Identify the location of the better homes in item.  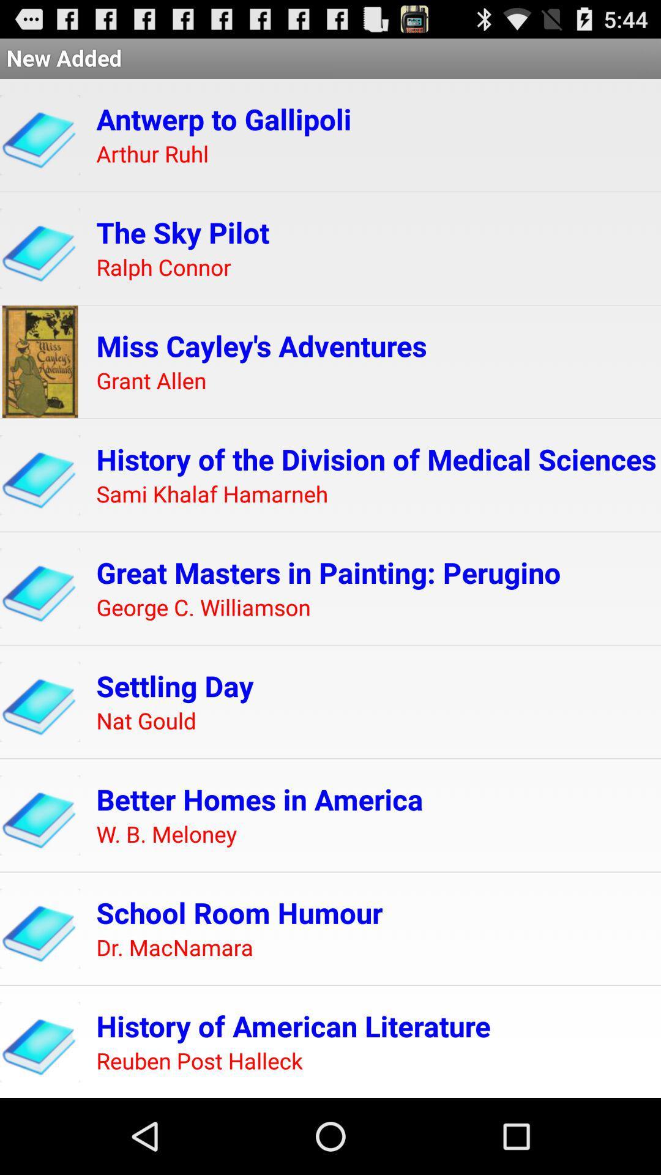
(259, 799).